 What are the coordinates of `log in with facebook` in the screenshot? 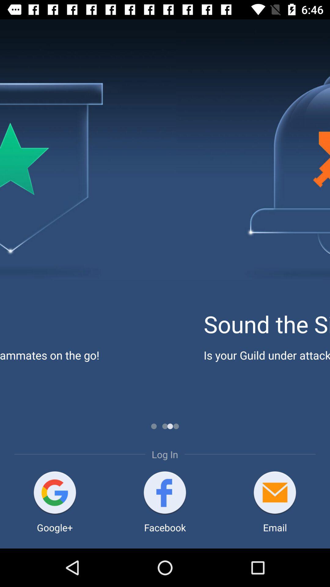 It's located at (164, 493).